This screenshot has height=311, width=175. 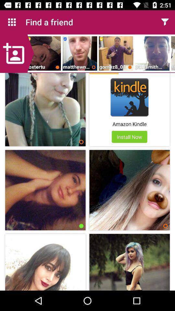 What do you see at coordinates (165, 22) in the screenshot?
I see `item to the right of the find a friend icon` at bounding box center [165, 22].